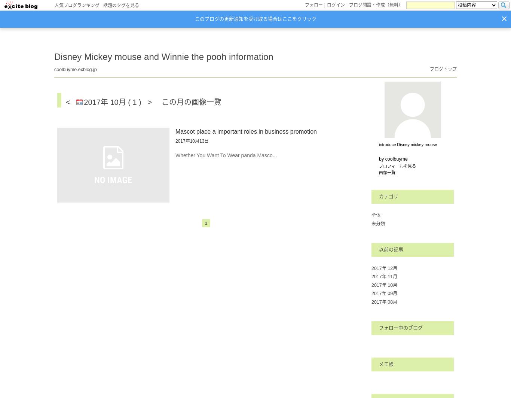  Describe the element at coordinates (245, 131) in the screenshot. I see `'Mascot place a important roles in business promotion'` at that location.